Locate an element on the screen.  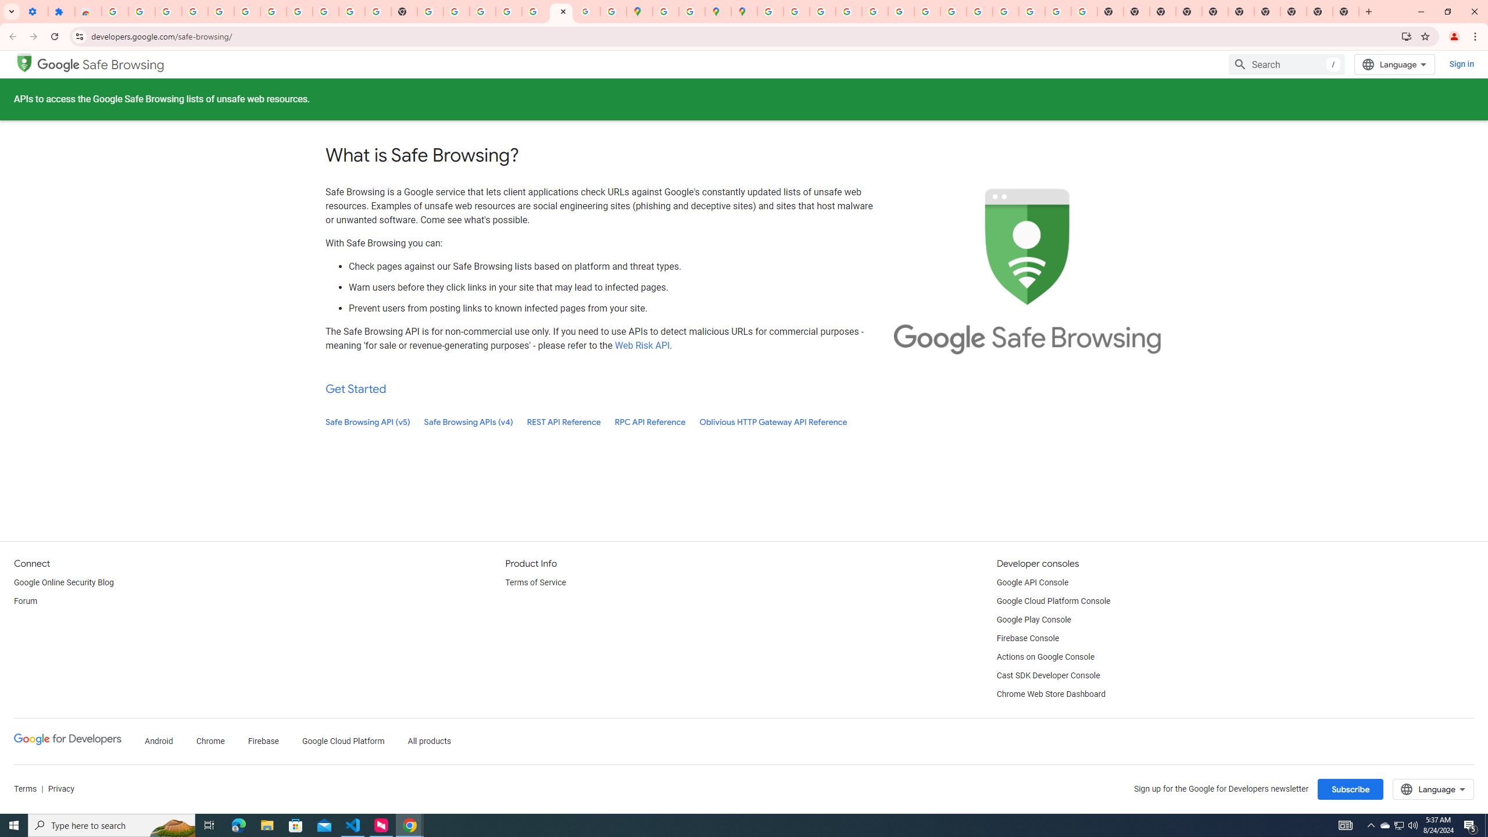
'Google Maps' is located at coordinates (639, 11).